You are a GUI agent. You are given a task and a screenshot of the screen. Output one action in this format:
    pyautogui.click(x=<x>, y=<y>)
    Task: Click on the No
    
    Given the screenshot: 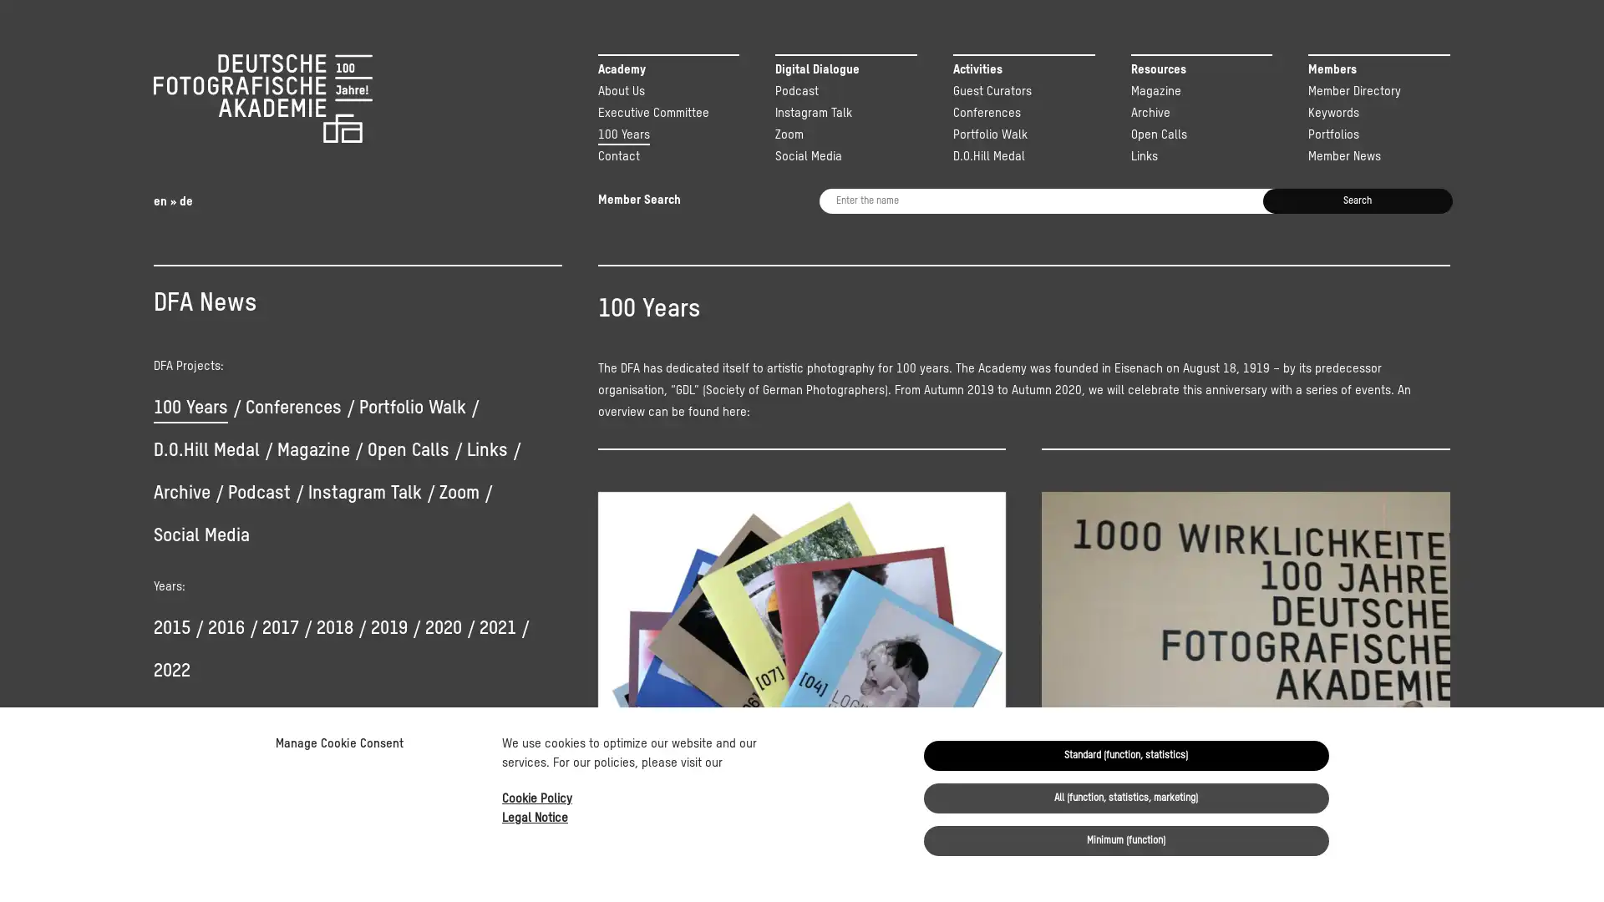 What is the action you would take?
    pyautogui.click(x=203, y=763)
    